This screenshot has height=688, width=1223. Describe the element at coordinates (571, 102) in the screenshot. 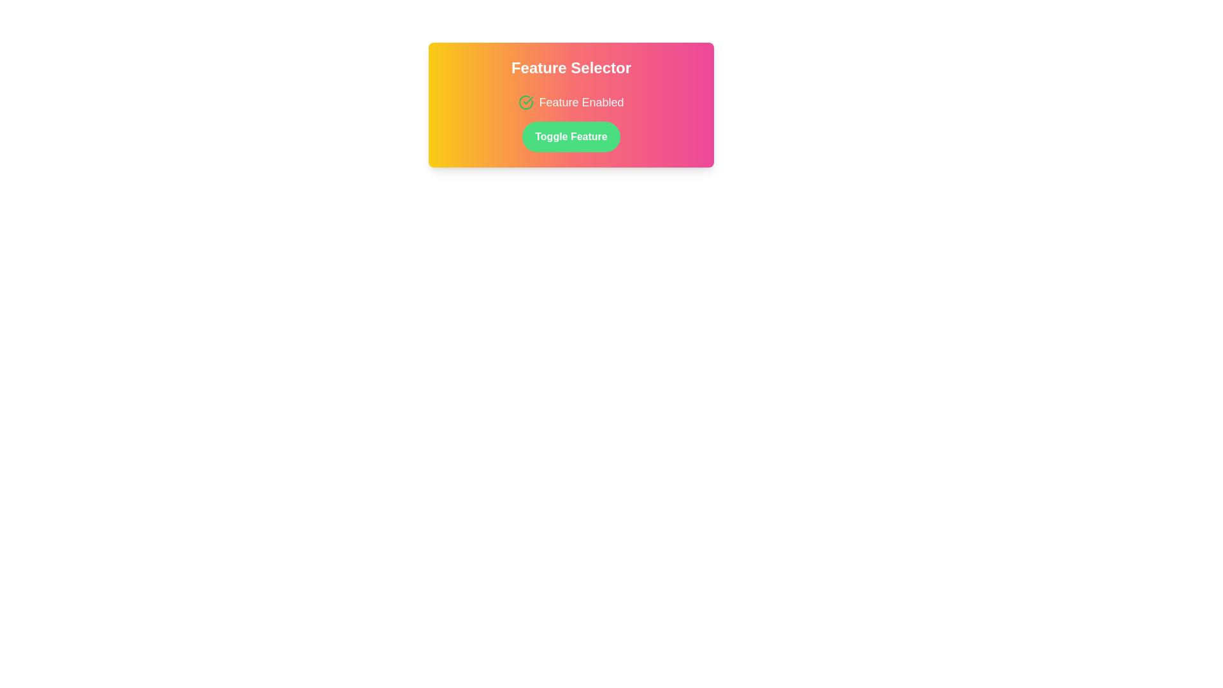

I see `the Label with an icon that visually conveys the status of a feature being enabled, featuring a green tick icon and descriptive text, located centrally below the 'Feature Selector' title and above the 'Toggle Feature' button` at that location.